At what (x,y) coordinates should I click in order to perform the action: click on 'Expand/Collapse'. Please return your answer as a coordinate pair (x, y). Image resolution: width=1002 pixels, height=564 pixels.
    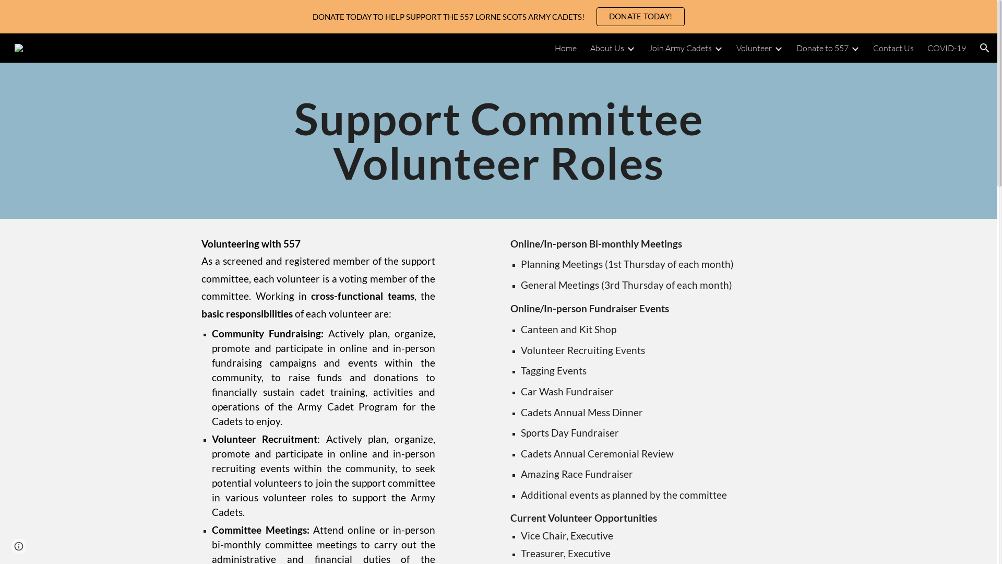
    Looking at the image, I should click on (773, 48).